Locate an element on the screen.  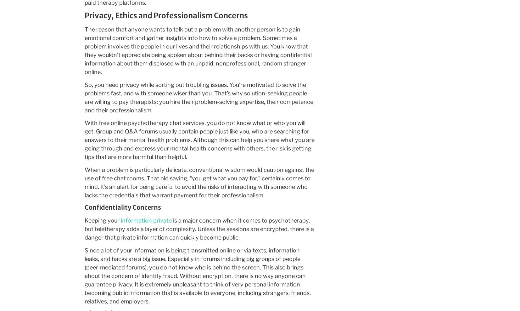
'Privacy, Ethics and Professionalism Concerns' is located at coordinates (165, 15).